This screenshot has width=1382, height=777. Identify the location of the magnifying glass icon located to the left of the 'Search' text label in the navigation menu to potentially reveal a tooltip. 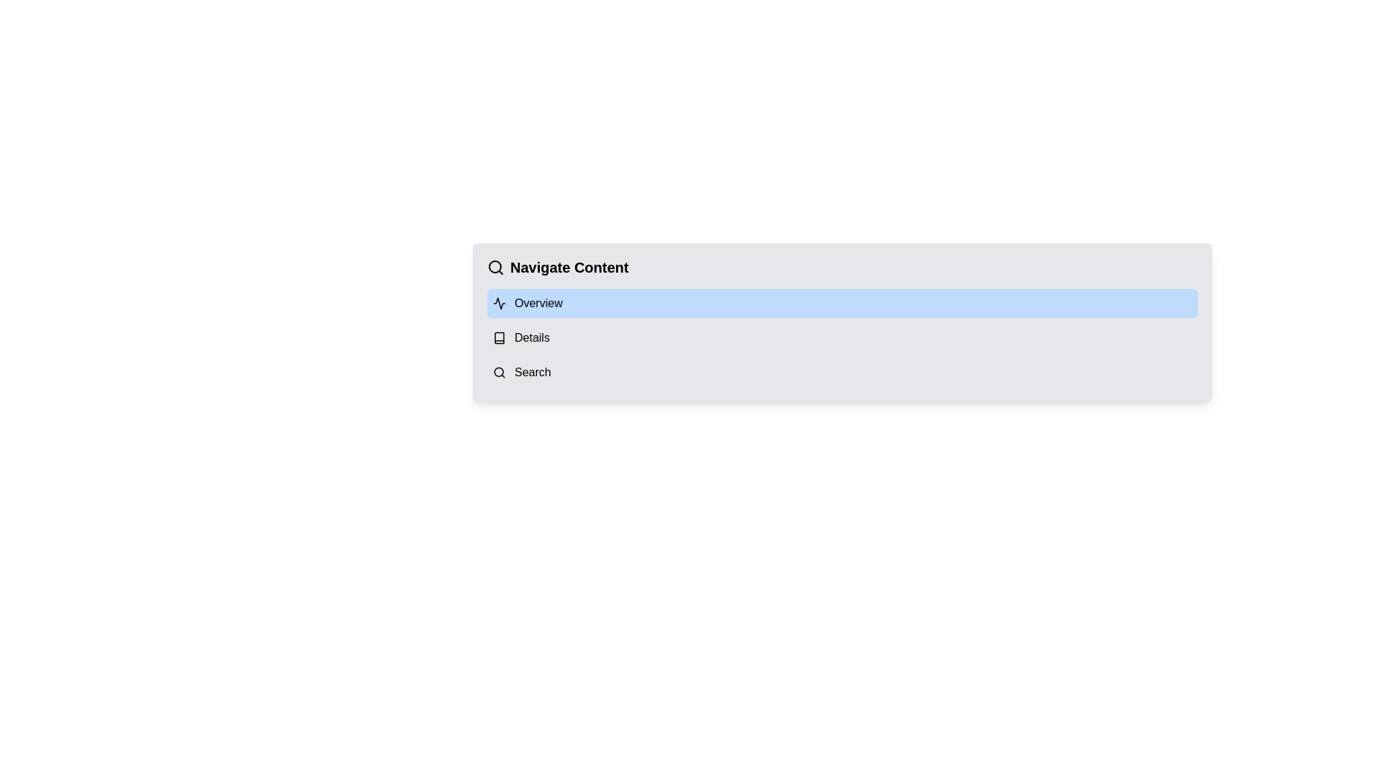
(500, 371).